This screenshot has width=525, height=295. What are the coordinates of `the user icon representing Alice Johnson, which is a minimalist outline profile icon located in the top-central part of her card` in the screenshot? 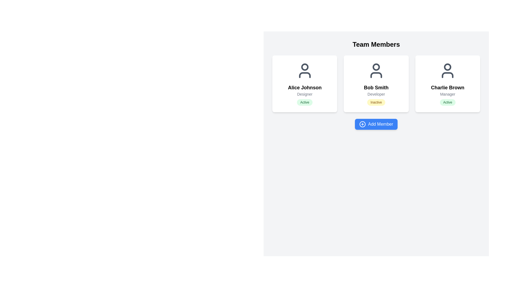 It's located at (304, 70).